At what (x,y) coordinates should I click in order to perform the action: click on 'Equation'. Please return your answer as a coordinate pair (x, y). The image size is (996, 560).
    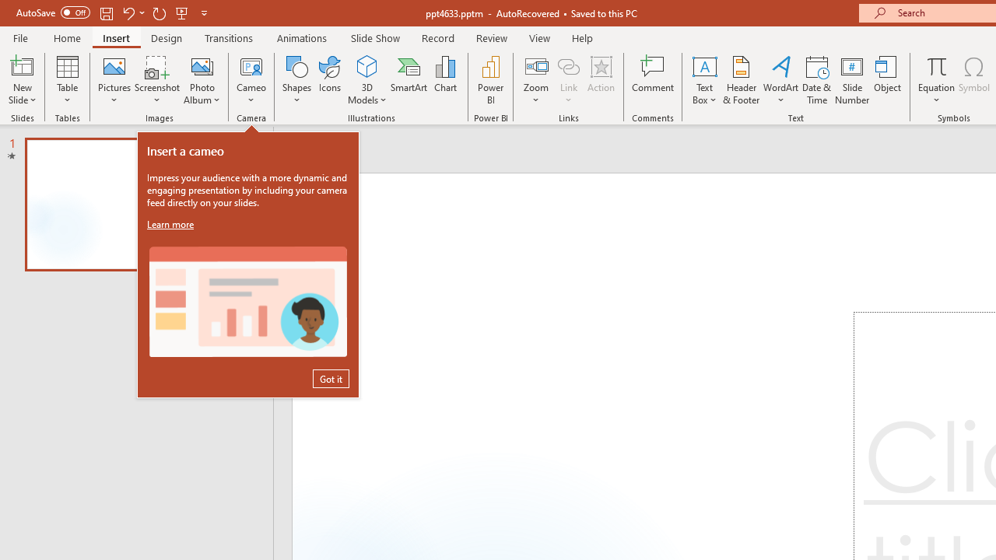
    Looking at the image, I should click on (935, 65).